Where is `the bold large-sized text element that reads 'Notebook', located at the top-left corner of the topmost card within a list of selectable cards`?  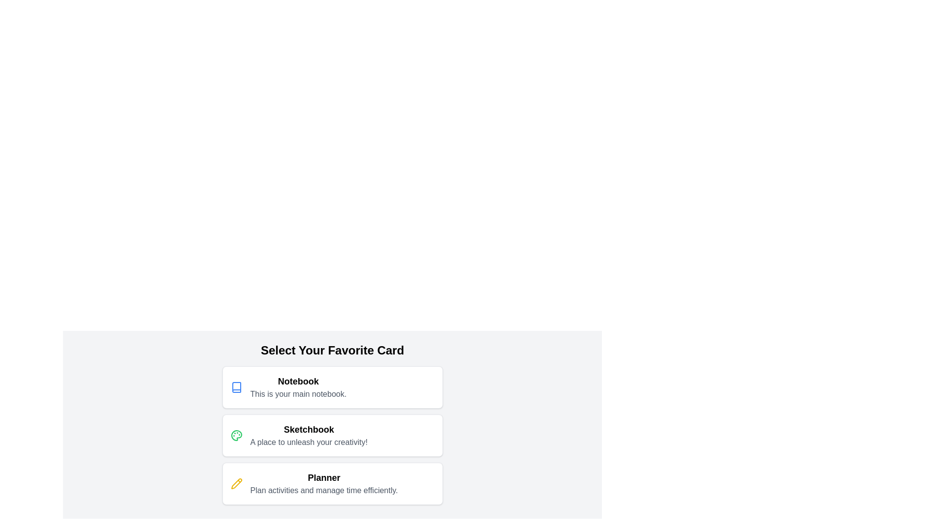 the bold large-sized text element that reads 'Notebook', located at the top-left corner of the topmost card within a list of selectable cards is located at coordinates (298, 381).